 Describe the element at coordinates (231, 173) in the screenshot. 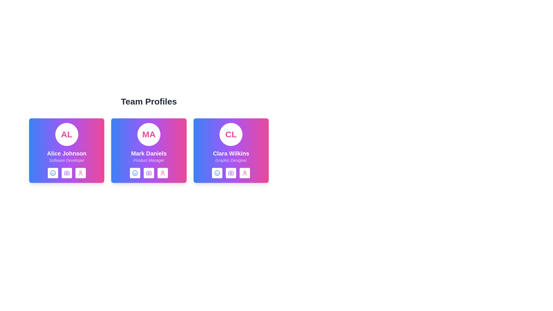

I see `the clickable icon button located at the bottom center of the user information card for 'Clara Wilkins', positioned between the blue smiley-face button and the pink user icon button` at that location.